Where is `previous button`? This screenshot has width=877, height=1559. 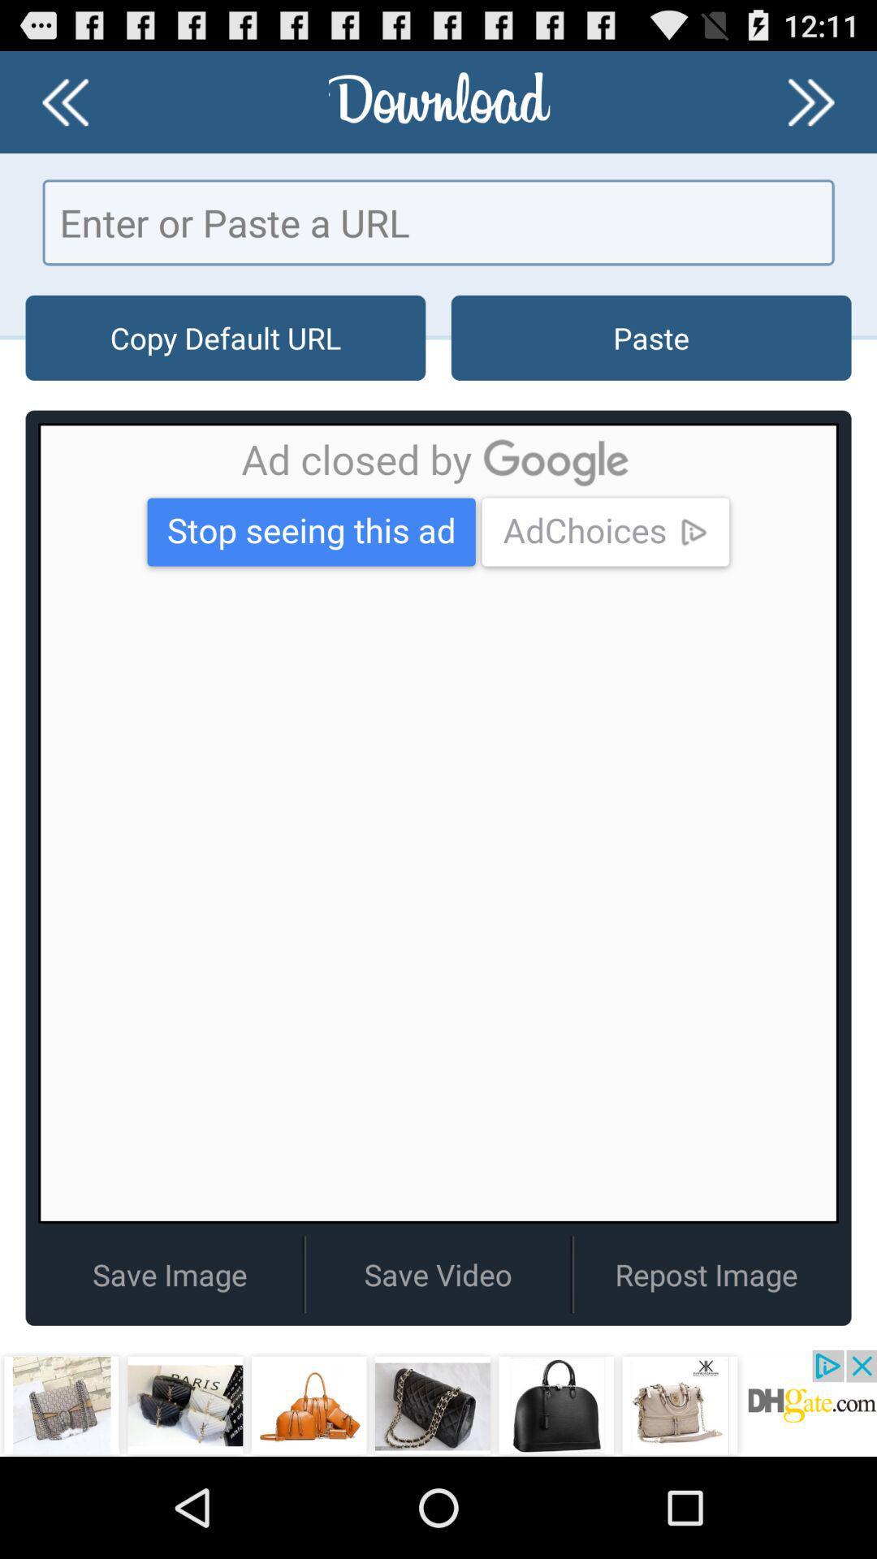
previous button is located at coordinates (64, 101).